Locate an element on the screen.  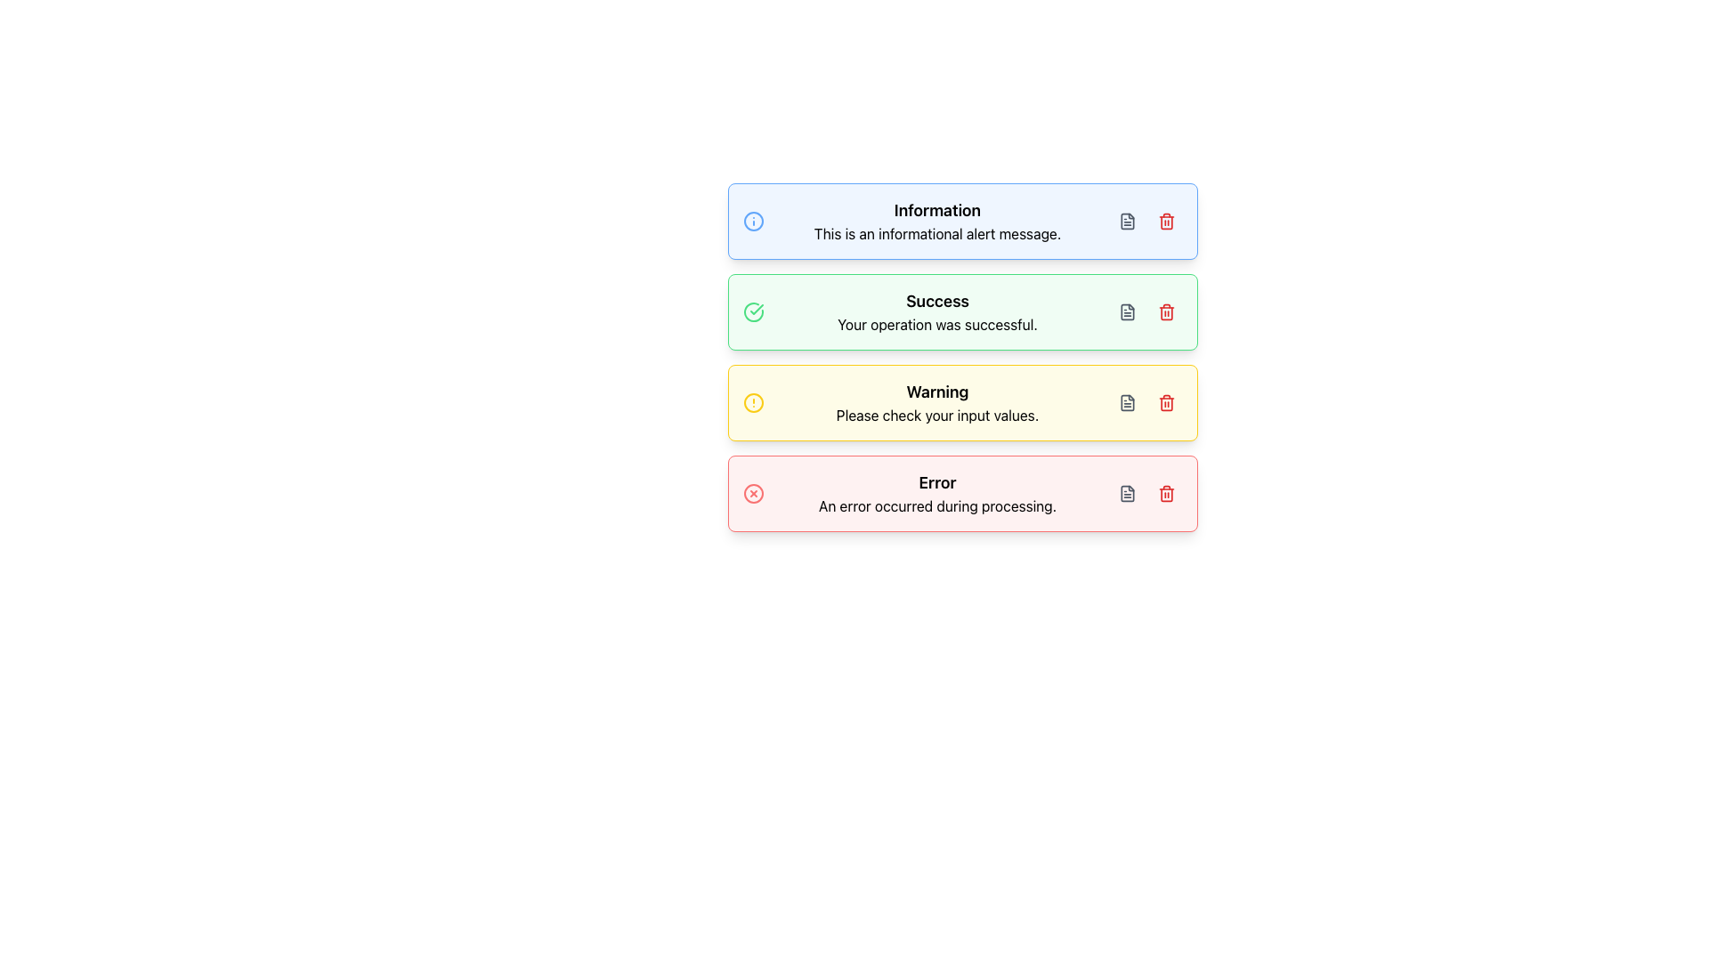
the Trash Can icon located in the 'Success' alert box is located at coordinates (1166, 311).